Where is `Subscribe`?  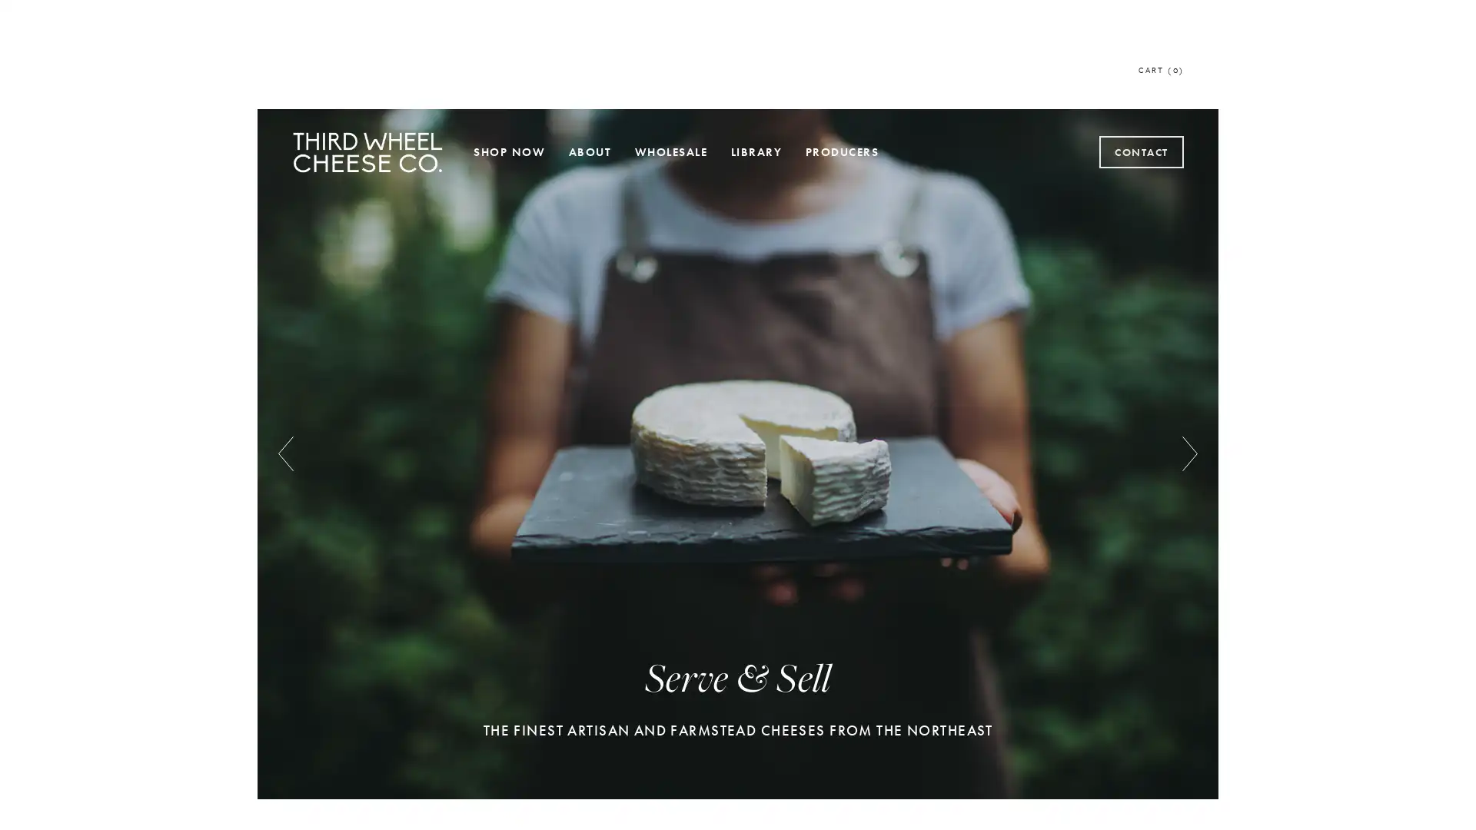
Subscribe is located at coordinates (868, 450).